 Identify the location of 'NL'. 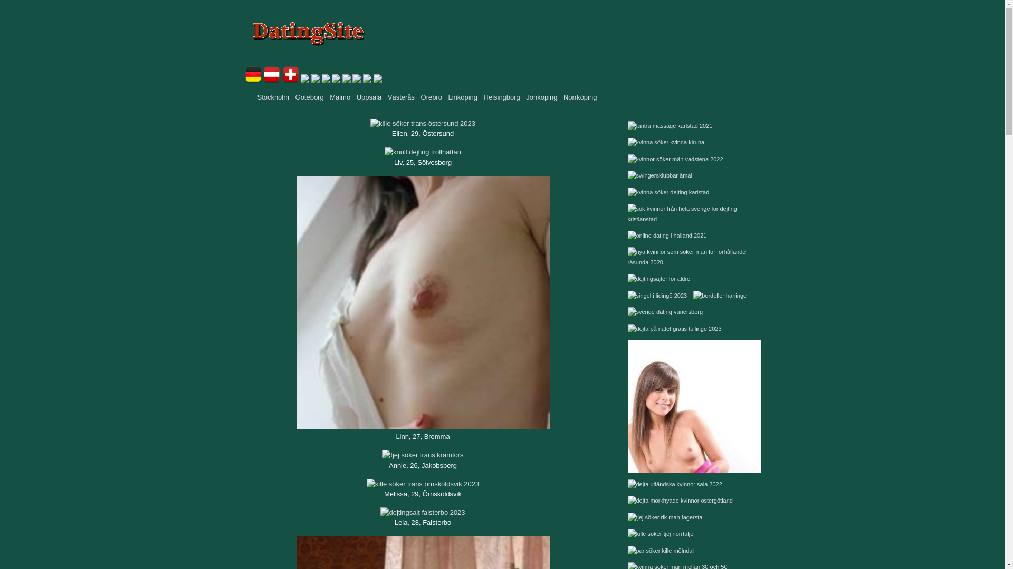
(315, 80).